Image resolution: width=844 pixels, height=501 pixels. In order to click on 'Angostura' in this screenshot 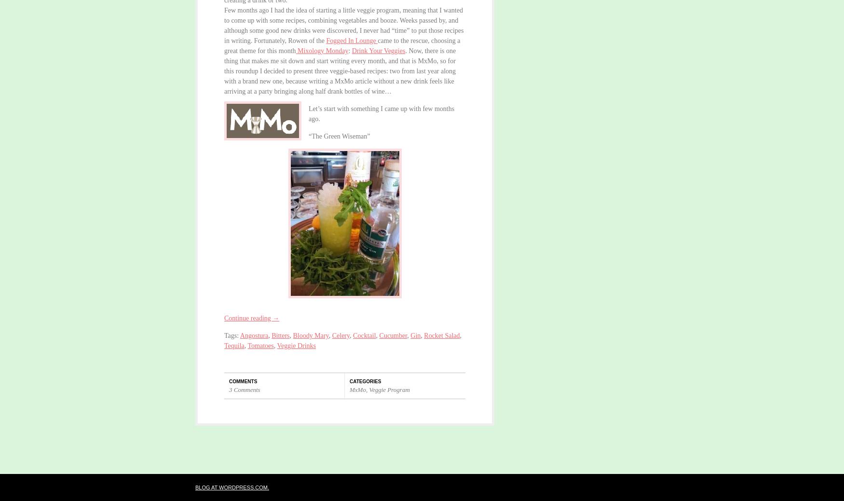, I will do `click(253, 335)`.